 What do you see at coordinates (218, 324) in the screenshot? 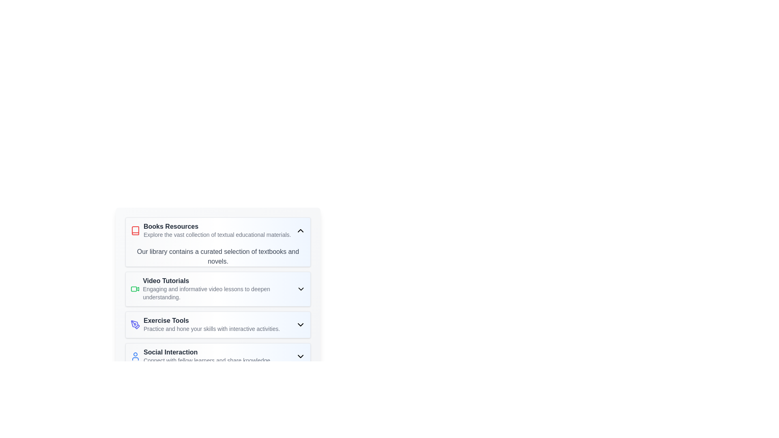
I see `the Collapsible Card Header for 'Exercise Tools'` at bounding box center [218, 324].